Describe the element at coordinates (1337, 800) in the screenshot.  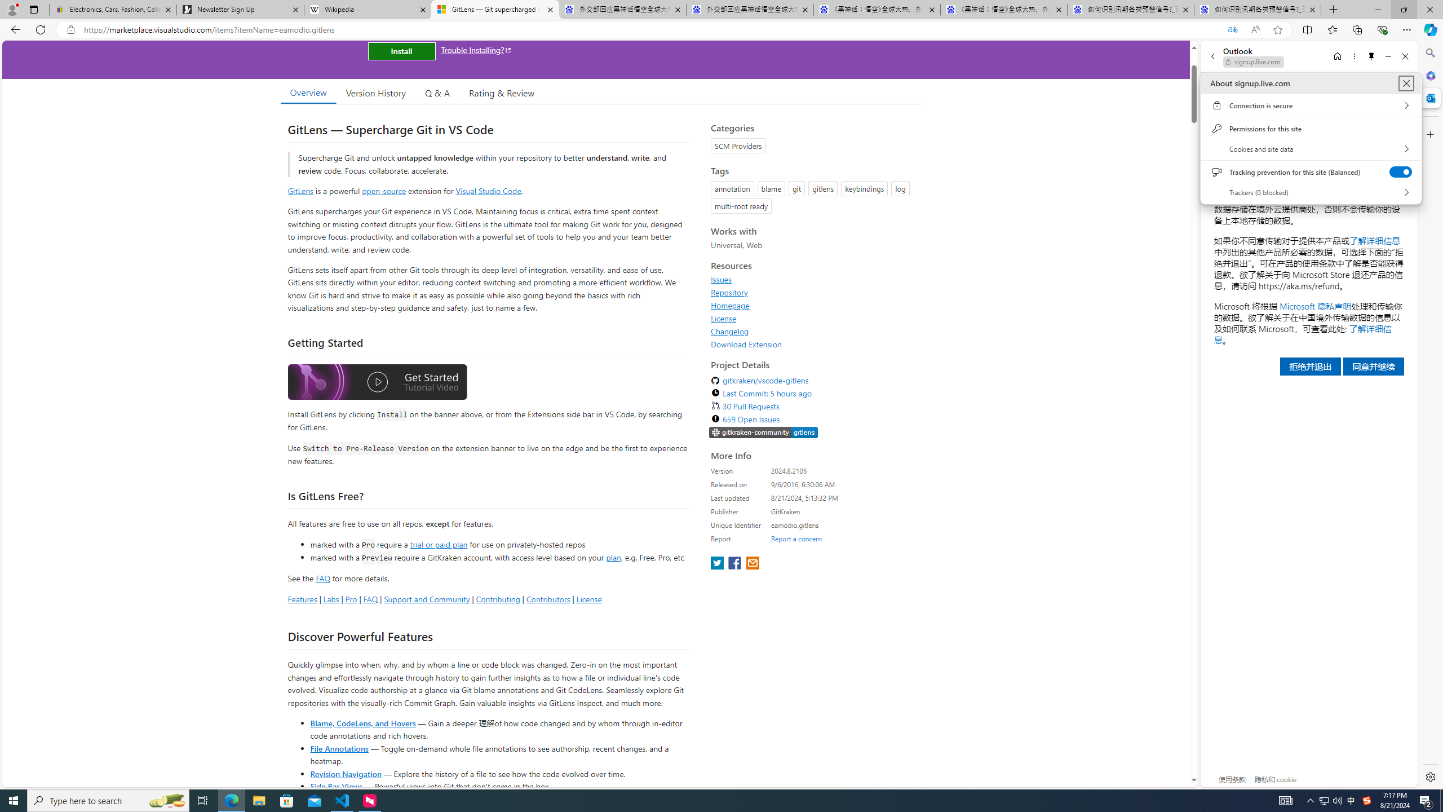
I see `'Q2790: 100%'` at that location.